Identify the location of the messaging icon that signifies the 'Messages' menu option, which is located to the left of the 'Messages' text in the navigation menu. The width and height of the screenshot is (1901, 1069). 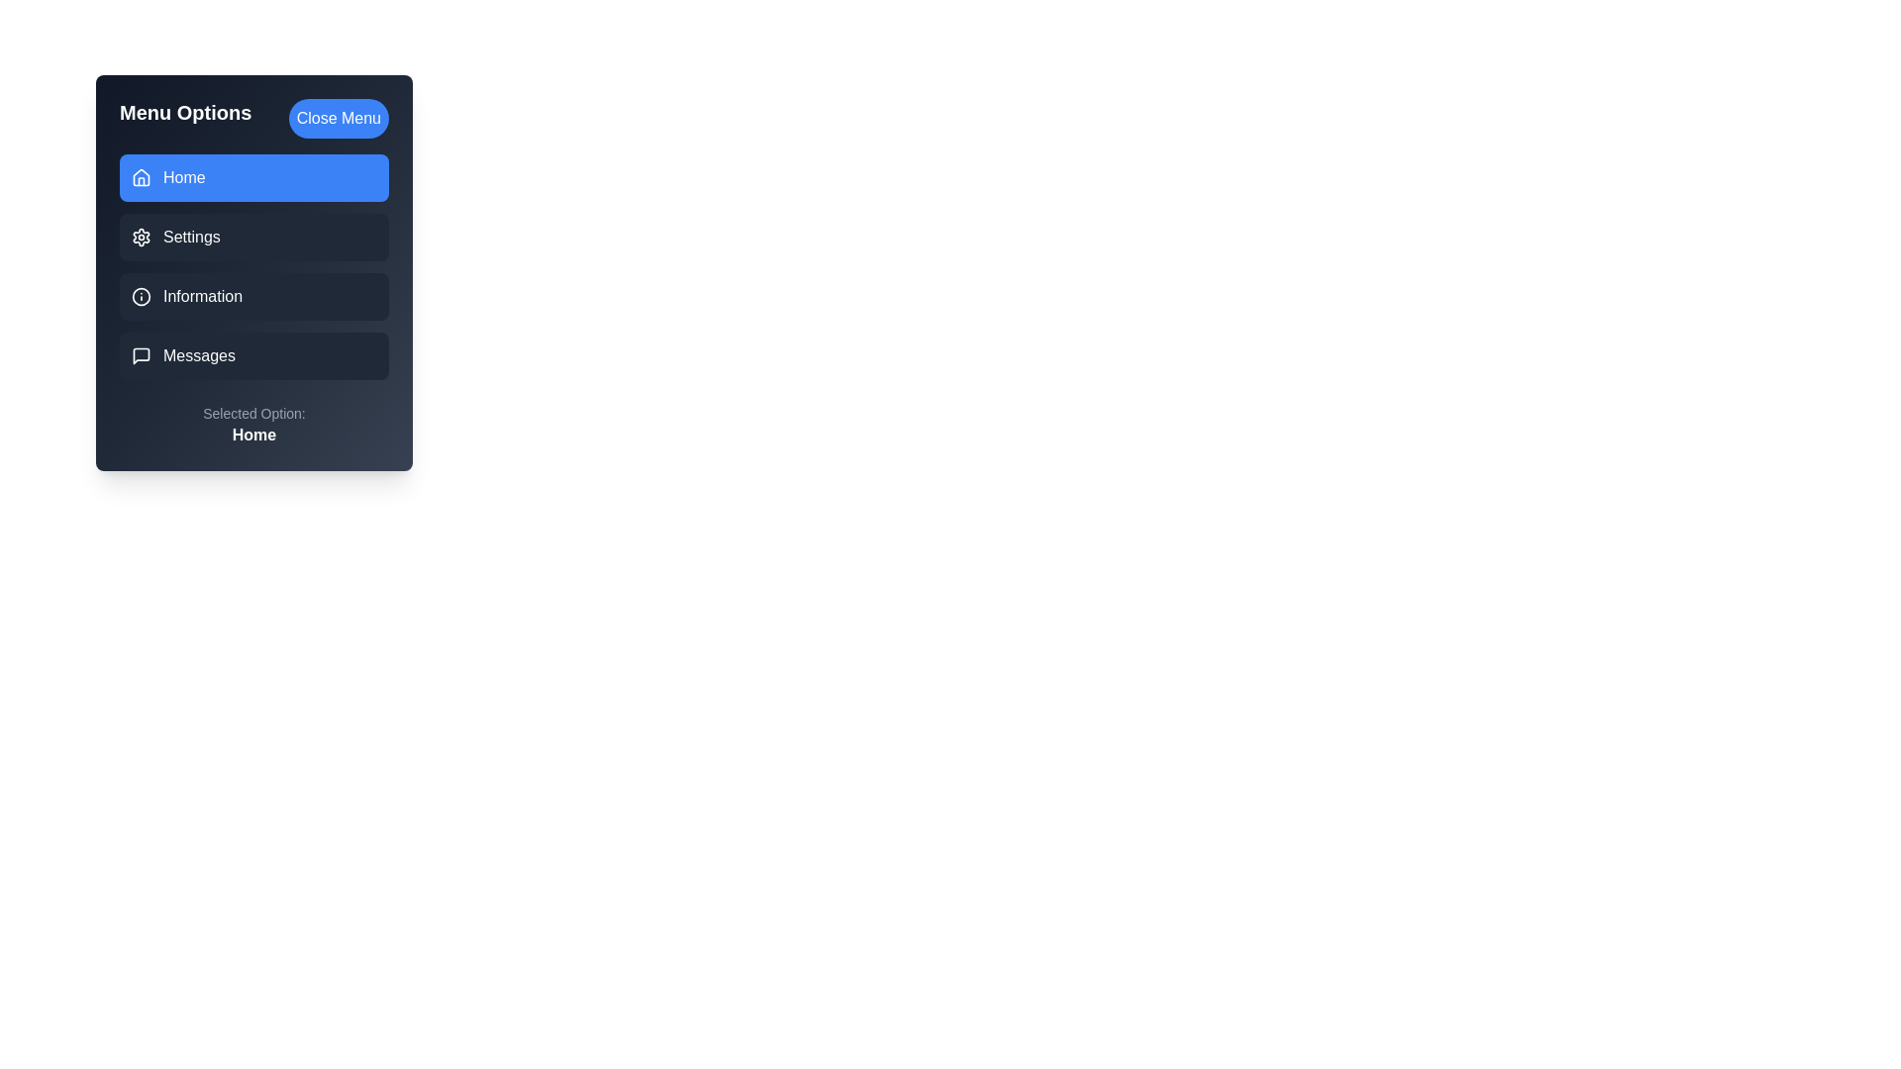
(141, 354).